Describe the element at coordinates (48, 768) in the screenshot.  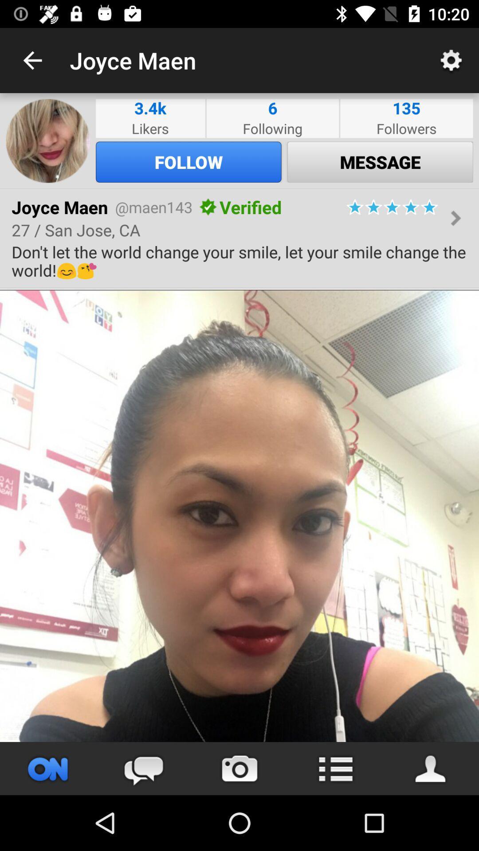
I see `press to broadcast video` at that location.